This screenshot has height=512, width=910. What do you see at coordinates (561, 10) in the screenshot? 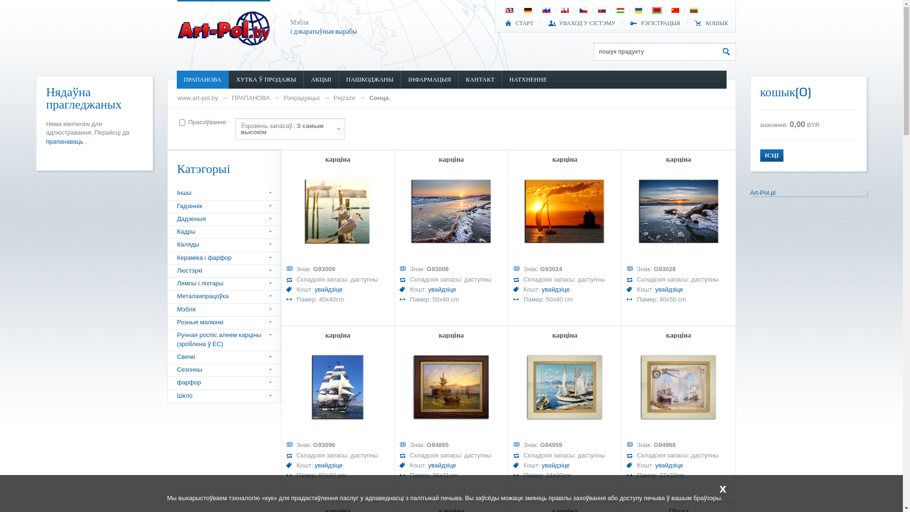
I see `'pl'` at bounding box center [561, 10].